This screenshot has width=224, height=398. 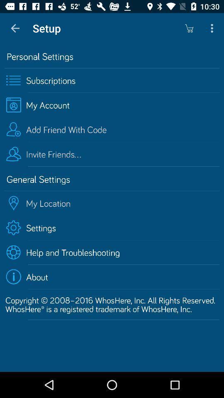 What do you see at coordinates (189, 28) in the screenshot?
I see `the icon above personal settings icon` at bounding box center [189, 28].